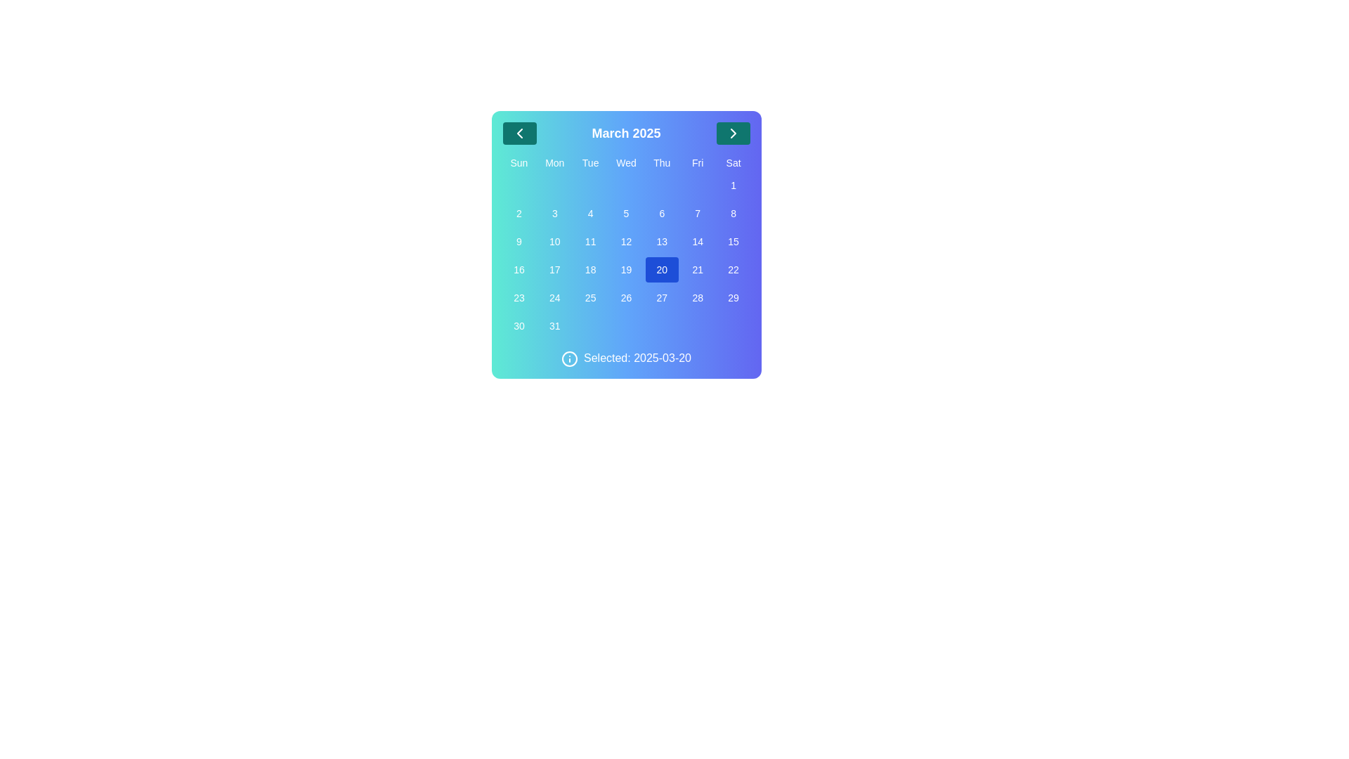 The image size is (1349, 759). Describe the element at coordinates (732, 133) in the screenshot. I see `the forward navigation button located on the far-right of the calendar interface to trigger the visual hover effect` at that location.